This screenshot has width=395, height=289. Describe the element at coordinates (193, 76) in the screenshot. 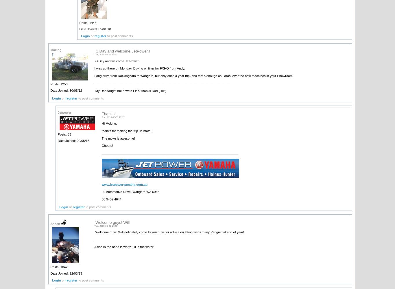

I see `'Long drive from Rockingham to Wangara, but only once a year trip- and that's enough as I drool over the new machines in your Showroom!'` at that location.